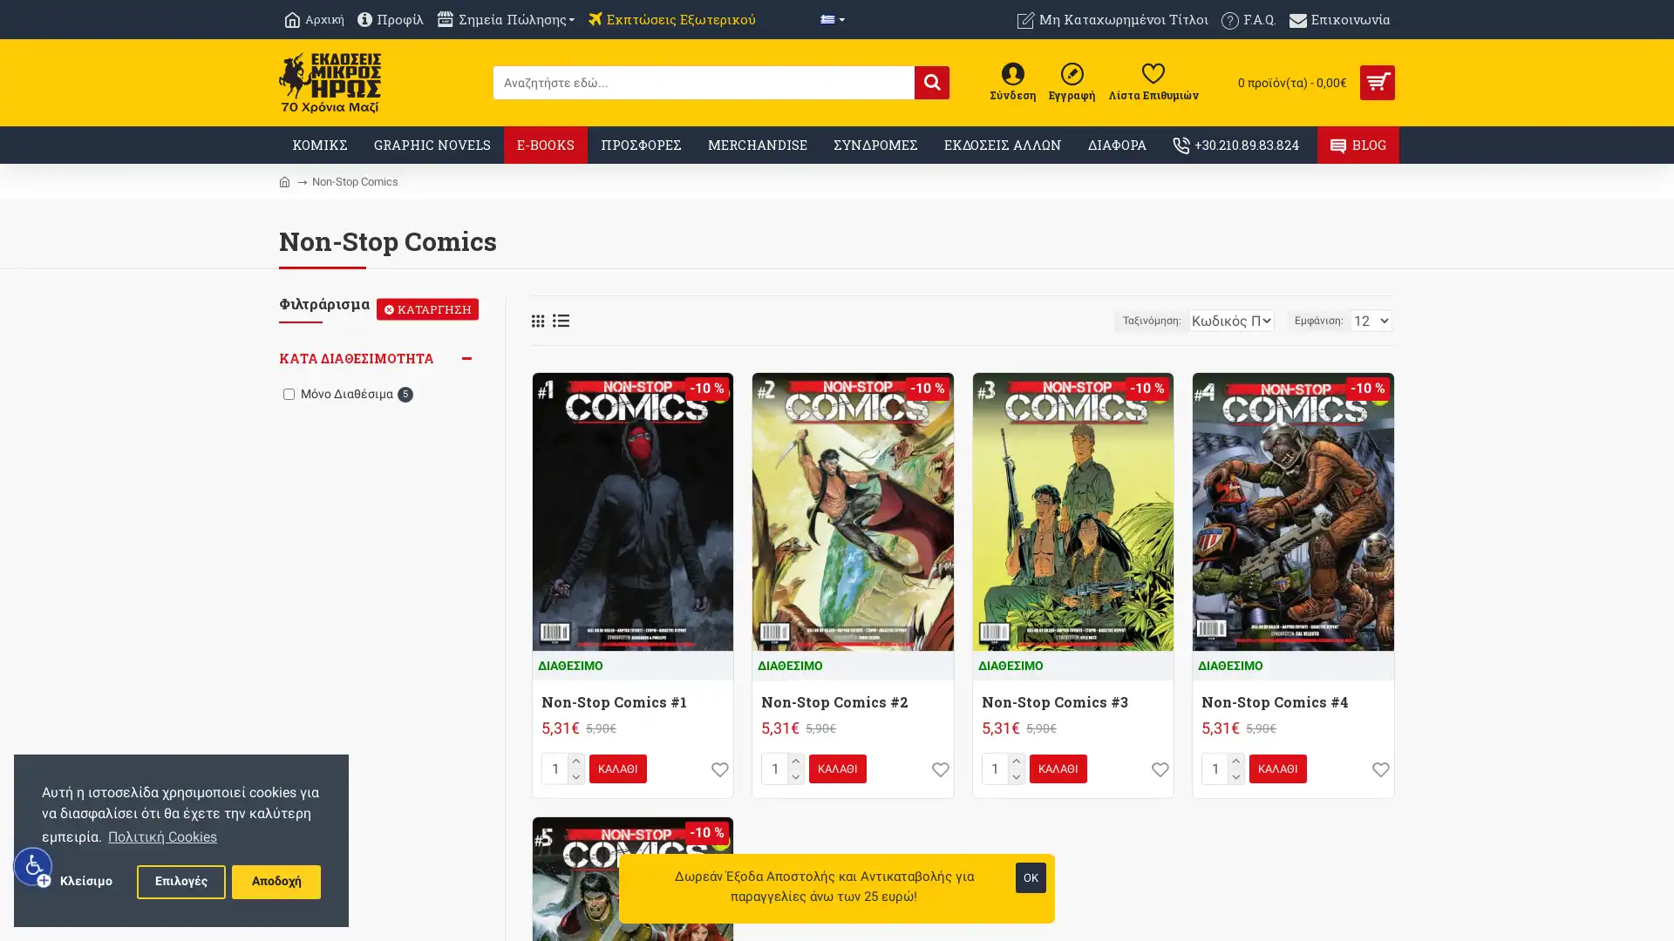 The width and height of the screenshot is (1674, 941). I want to click on dismiss cookie message, so click(85, 881).